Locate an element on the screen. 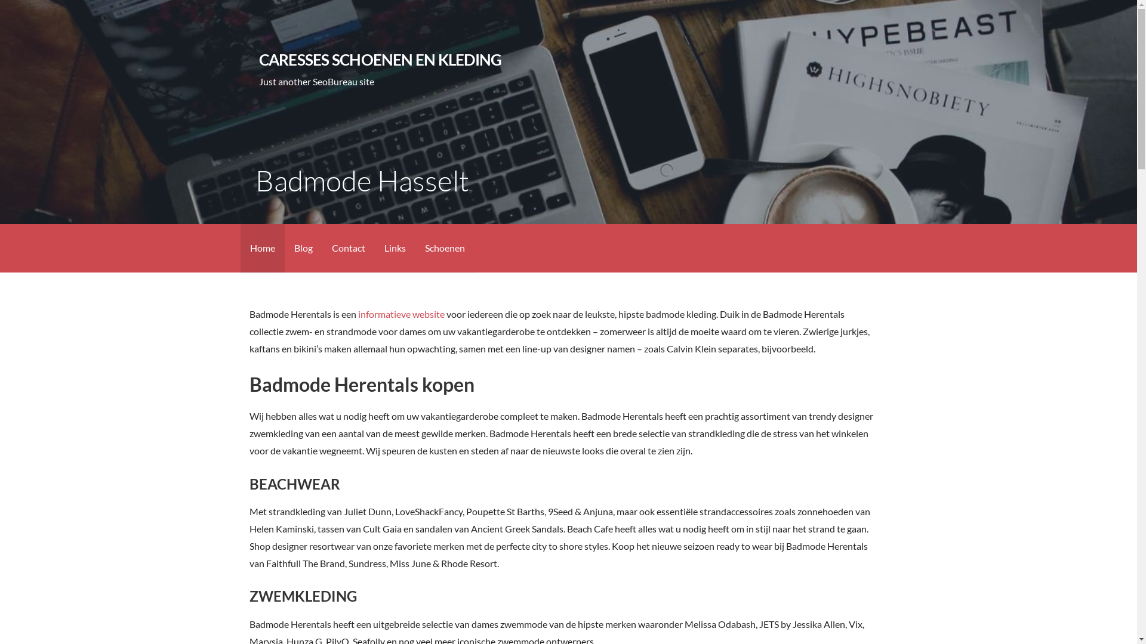 The width and height of the screenshot is (1146, 644). 'Links' is located at coordinates (395, 247).